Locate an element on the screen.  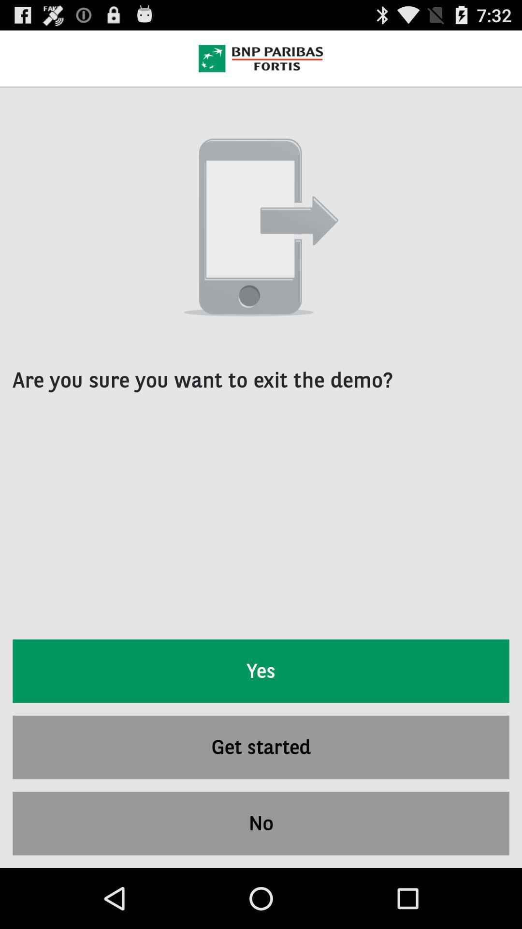
the icon below the yes item is located at coordinates (261, 747).